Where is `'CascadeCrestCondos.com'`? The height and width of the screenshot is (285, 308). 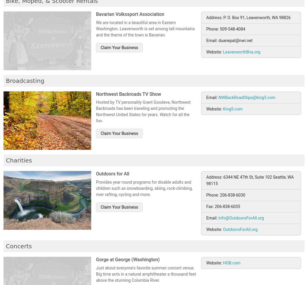 'CascadeCrestCondos.com' is located at coordinates (180, 72).